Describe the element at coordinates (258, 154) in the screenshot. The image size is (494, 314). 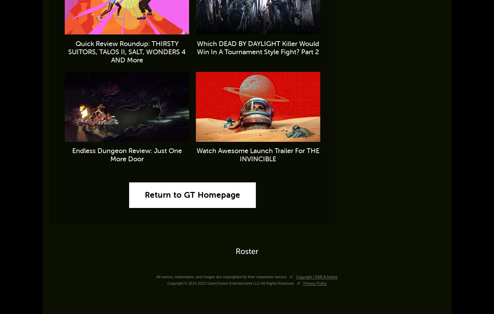
I see `'Watch Awesome Launch Trailer For THE INVINCIBLE'` at that location.